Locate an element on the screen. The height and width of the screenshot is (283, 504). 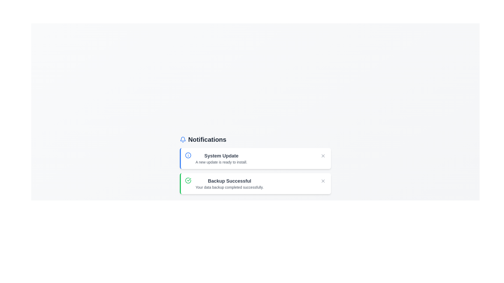
the informational icon located in the top notification card titled 'System Update', positioned left of the text 'System Update' is located at coordinates (188, 155).